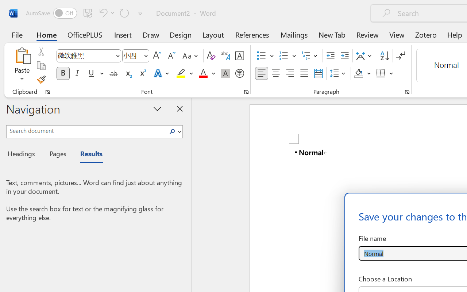 The image size is (467, 292). I want to click on 'Search', so click(174, 131).